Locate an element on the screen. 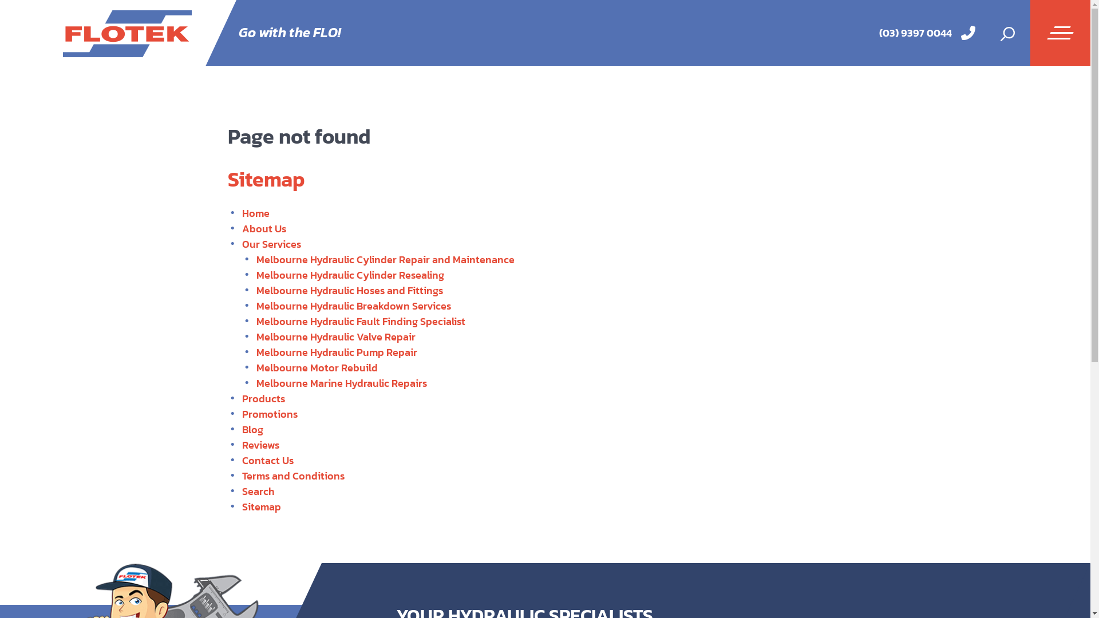 The height and width of the screenshot is (618, 1099). '(03) 9397 0044' is located at coordinates (915, 32).